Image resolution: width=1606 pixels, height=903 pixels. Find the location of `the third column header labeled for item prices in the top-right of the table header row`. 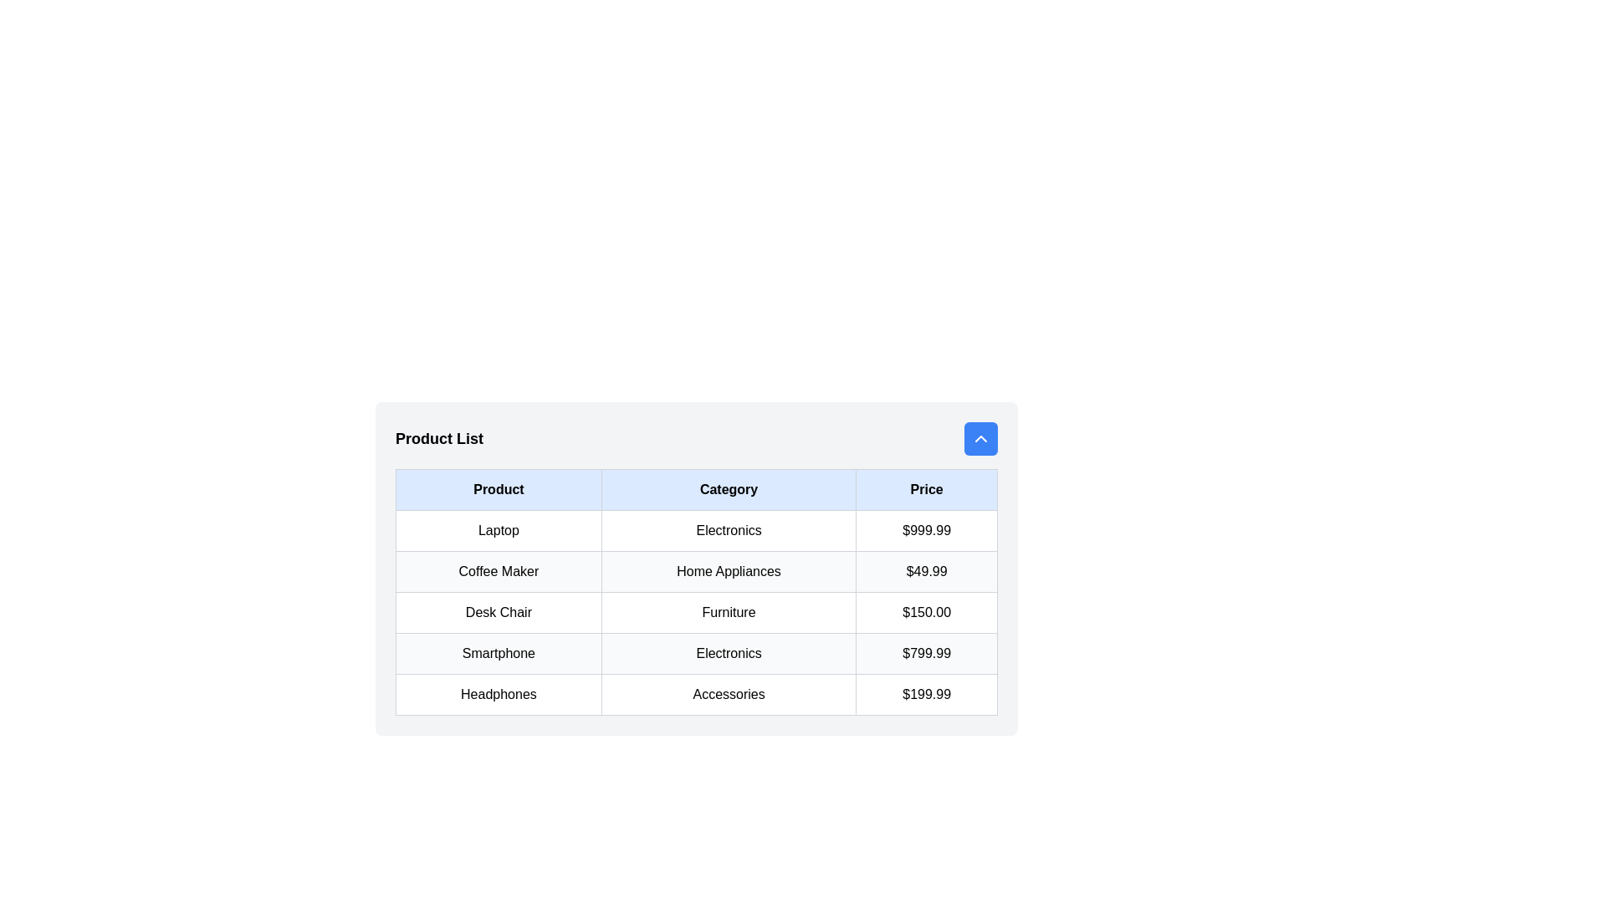

the third column header labeled for item prices in the top-right of the table header row is located at coordinates (926, 489).